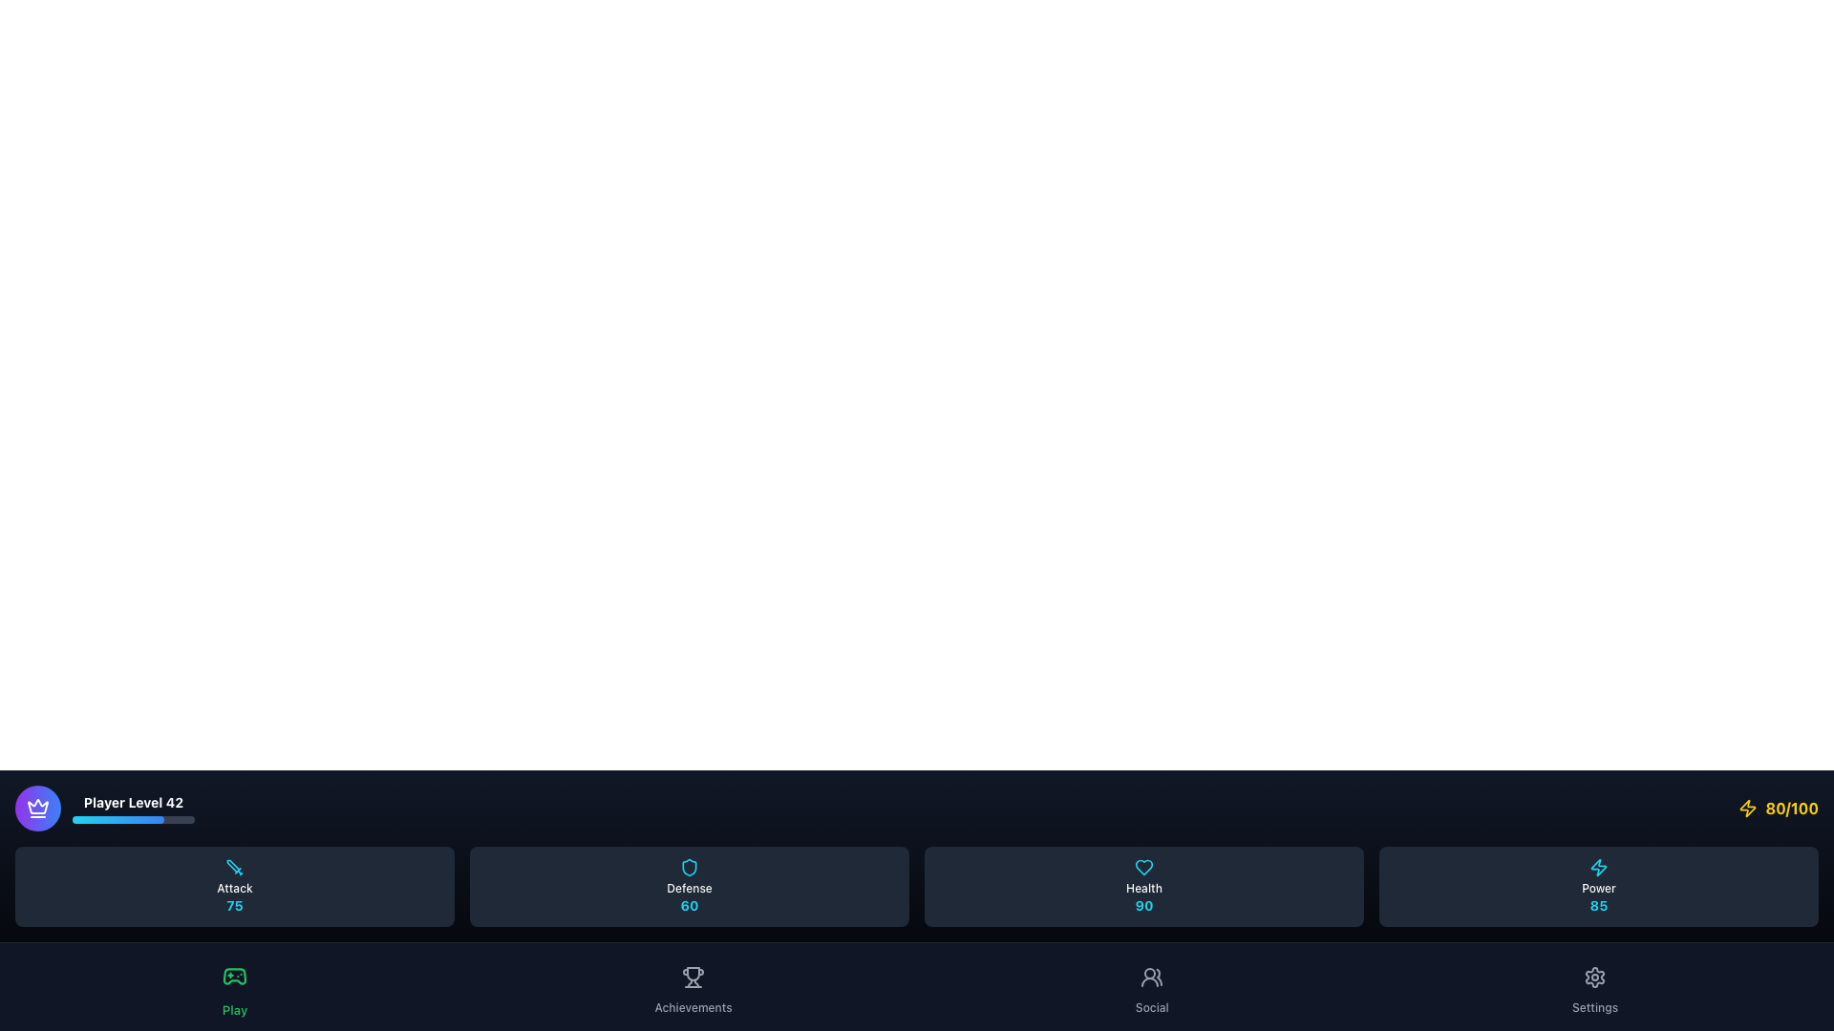 The image size is (1834, 1031). Describe the element at coordinates (1149, 982) in the screenshot. I see `the decorative curved part of the 'Social' section icon located at the bottom navigation bar` at that location.